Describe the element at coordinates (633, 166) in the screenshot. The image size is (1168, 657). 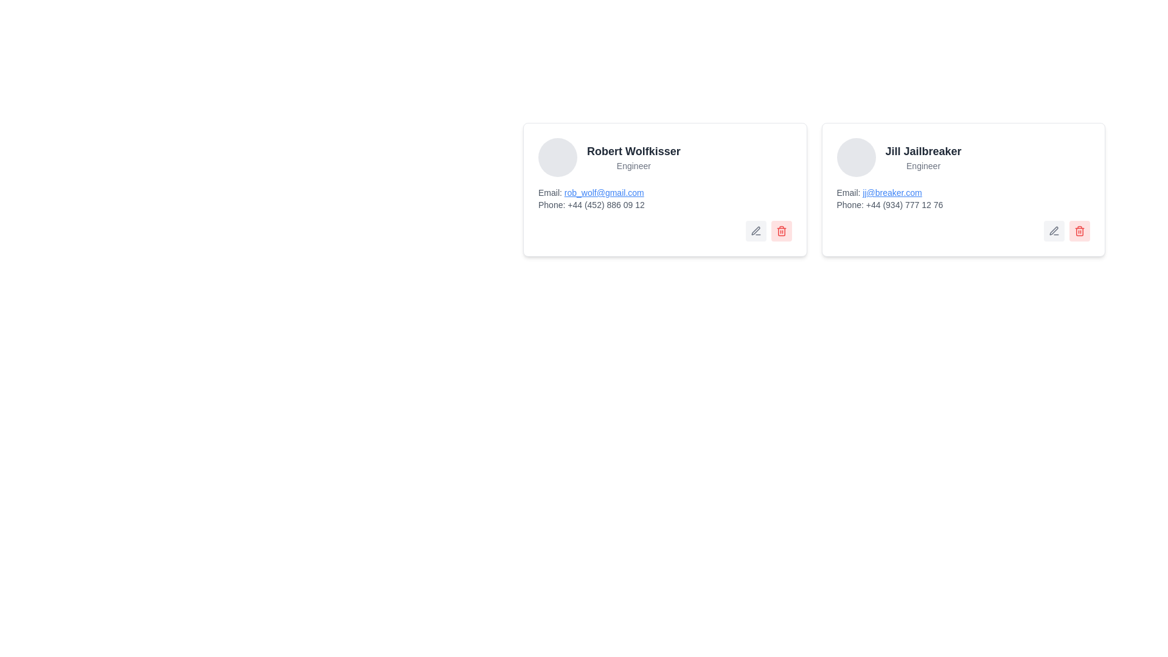
I see `the text label that serves as a descriptor for the individual named 'Robert Wolfkisser', positioned below the title text within the card component` at that location.